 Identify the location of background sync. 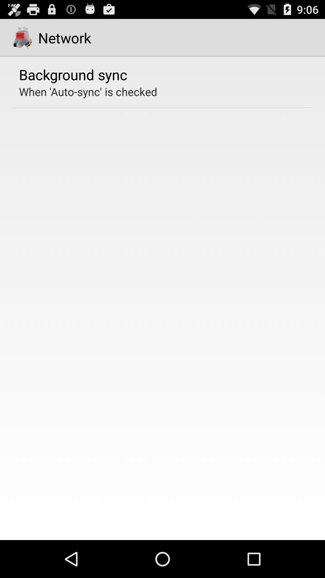
(73, 74).